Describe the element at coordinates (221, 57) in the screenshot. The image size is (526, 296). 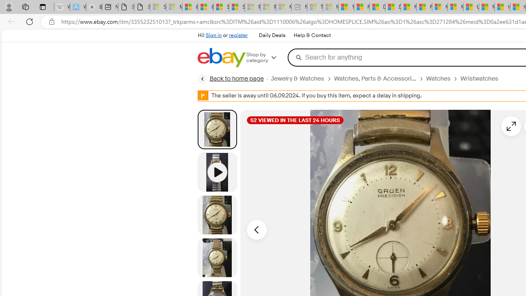
I see `'eBay Home'` at that location.